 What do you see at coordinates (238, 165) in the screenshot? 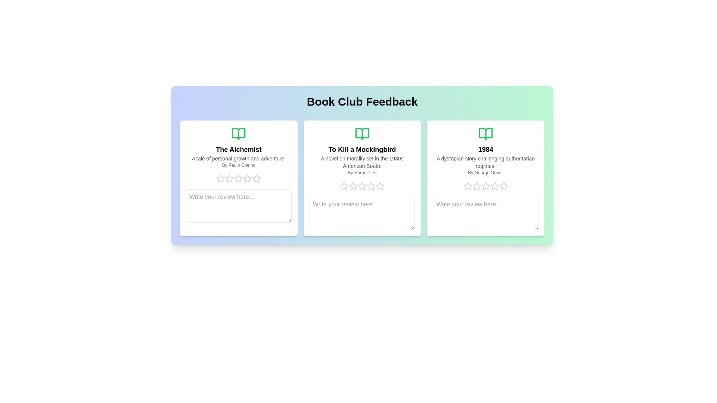
I see `the Text label displaying the author of the book 'The Alchemist', located below the subheading and above the star rating section` at bounding box center [238, 165].